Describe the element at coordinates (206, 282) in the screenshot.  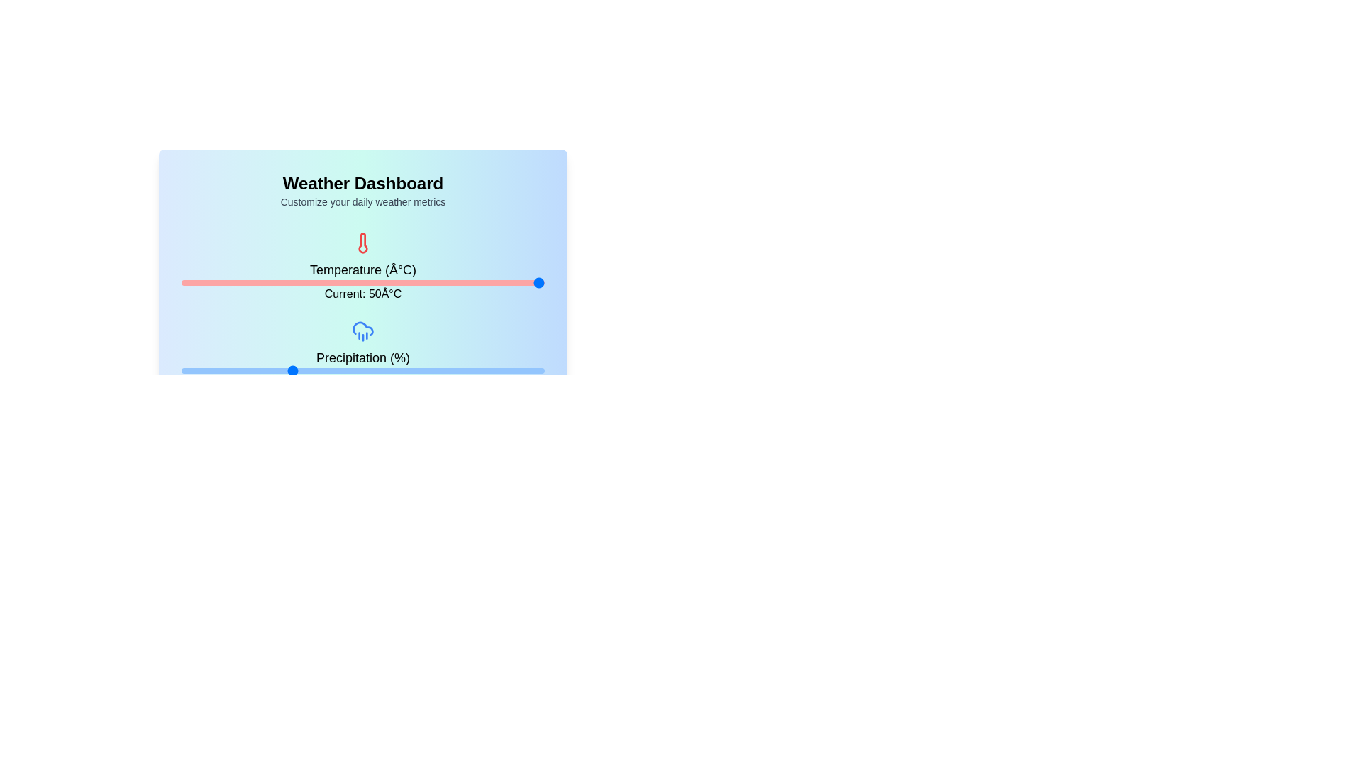
I see `temperature` at that location.